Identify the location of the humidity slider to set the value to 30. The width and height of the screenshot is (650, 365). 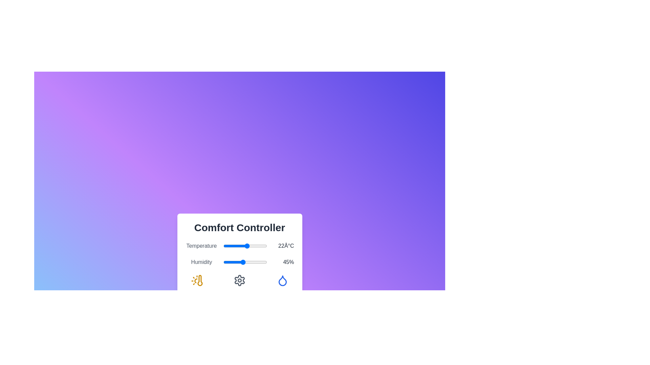
(236, 262).